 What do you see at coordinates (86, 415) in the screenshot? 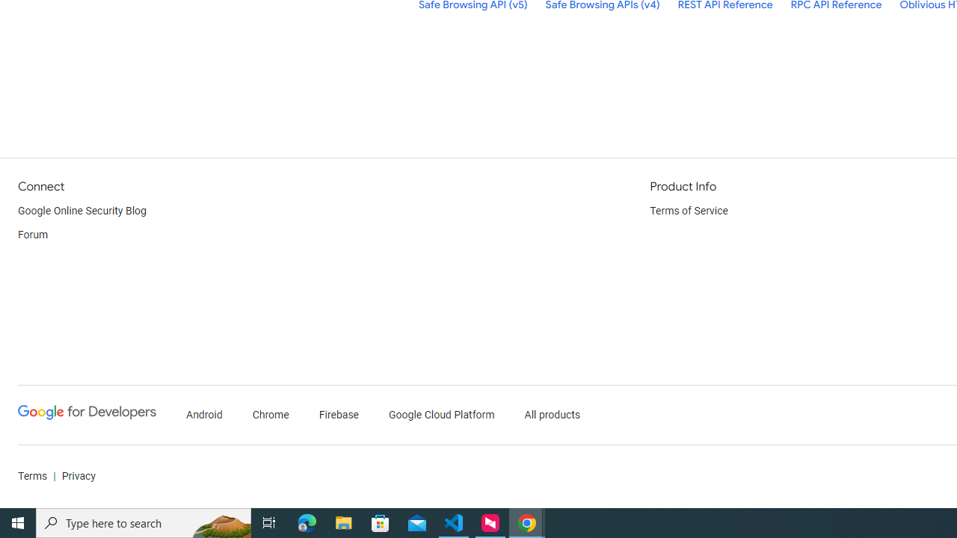
I see `'Google Developers'` at bounding box center [86, 415].